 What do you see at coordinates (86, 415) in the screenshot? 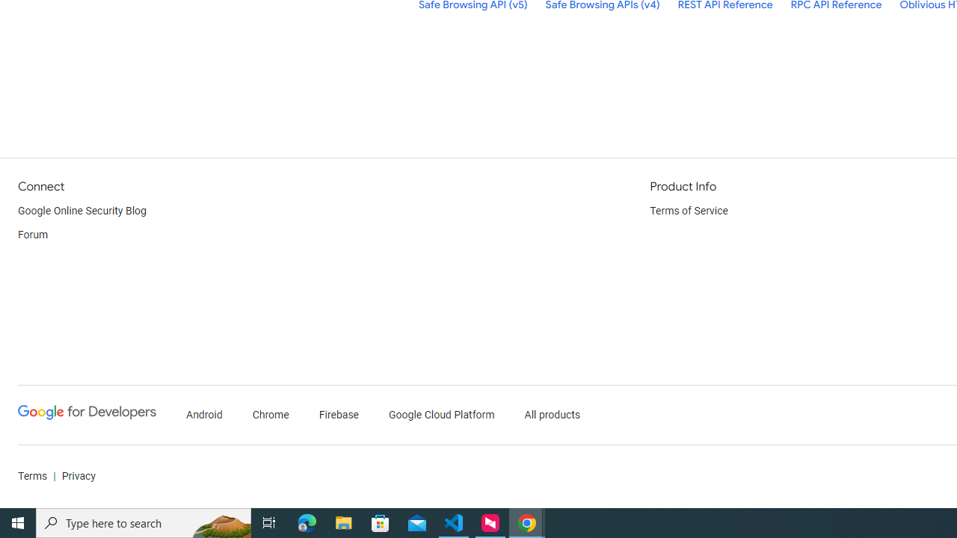
I see `'Google Developers'` at bounding box center [86, 415].